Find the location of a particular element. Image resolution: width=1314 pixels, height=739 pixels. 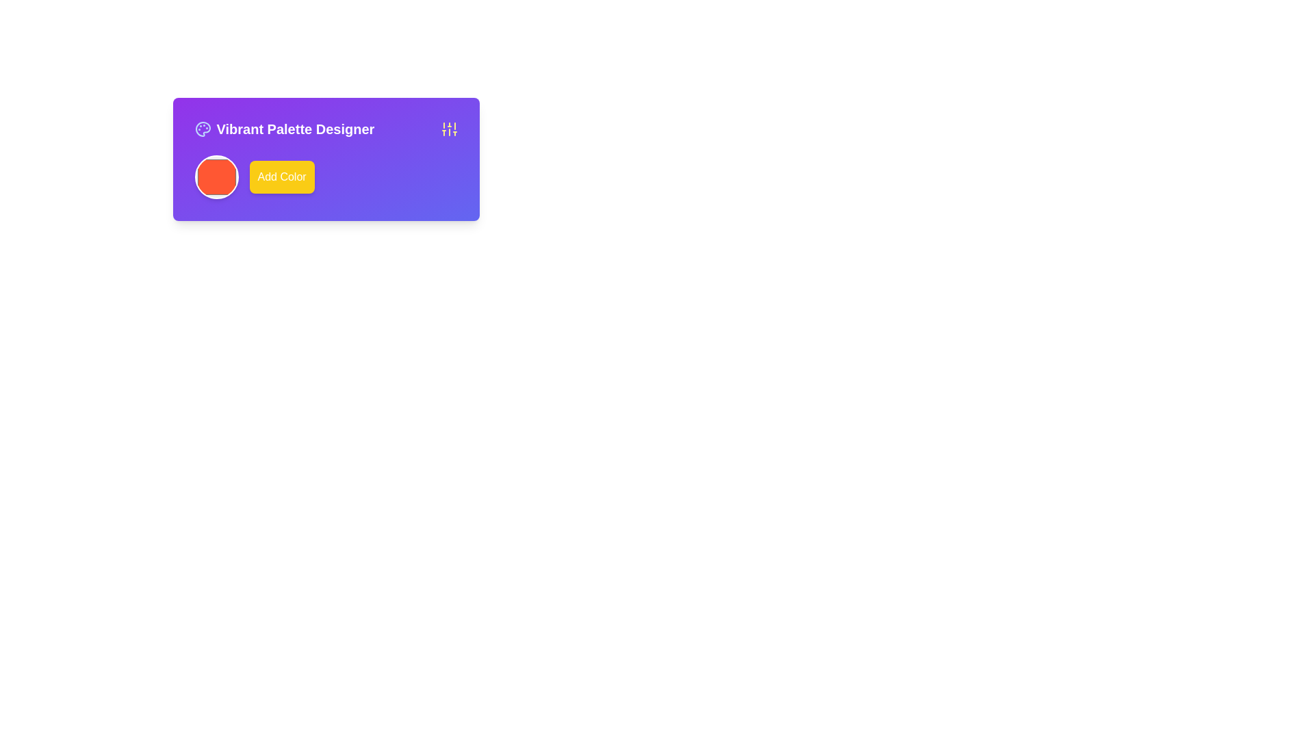

the 'Add Color' button with a bright yellow background and white text is located at coordinates (281, 176).